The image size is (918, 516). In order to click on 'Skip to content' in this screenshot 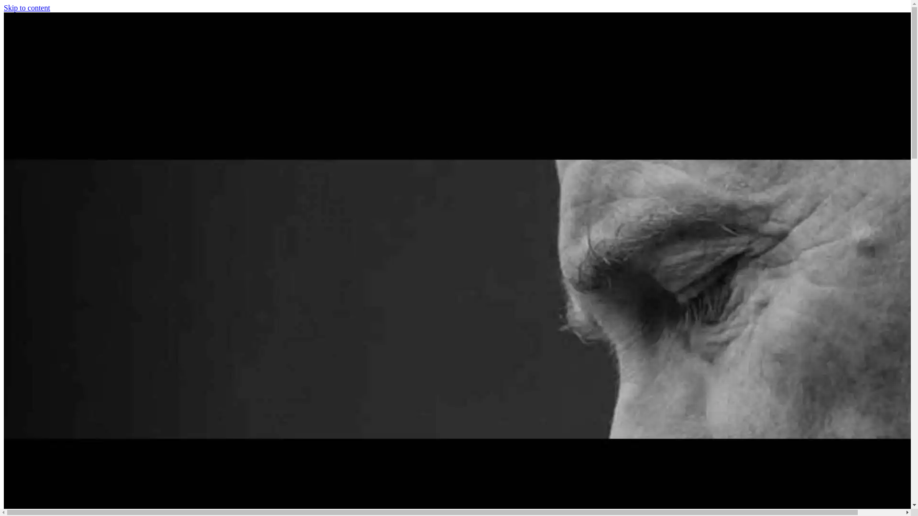, I will do `click(27, 8)`.